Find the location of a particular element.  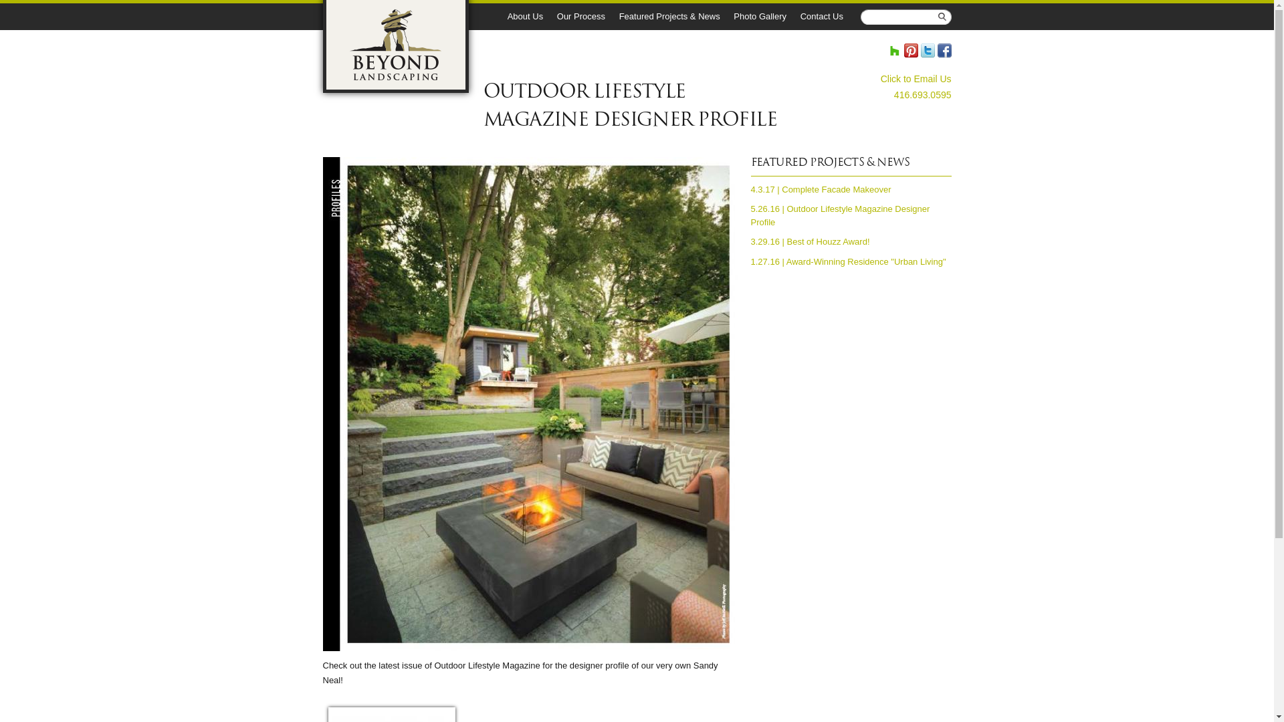

'Enter the terms you wish to search for.' is located at coordinates (905, 17).